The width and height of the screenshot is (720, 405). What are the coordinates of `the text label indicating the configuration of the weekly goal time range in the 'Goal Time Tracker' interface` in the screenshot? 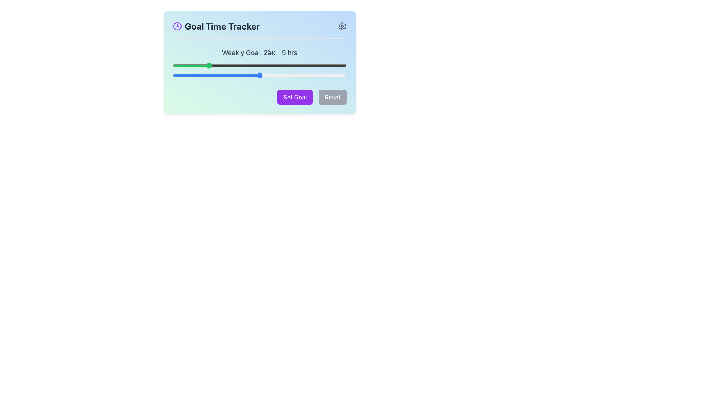 It's located at (259, 52).